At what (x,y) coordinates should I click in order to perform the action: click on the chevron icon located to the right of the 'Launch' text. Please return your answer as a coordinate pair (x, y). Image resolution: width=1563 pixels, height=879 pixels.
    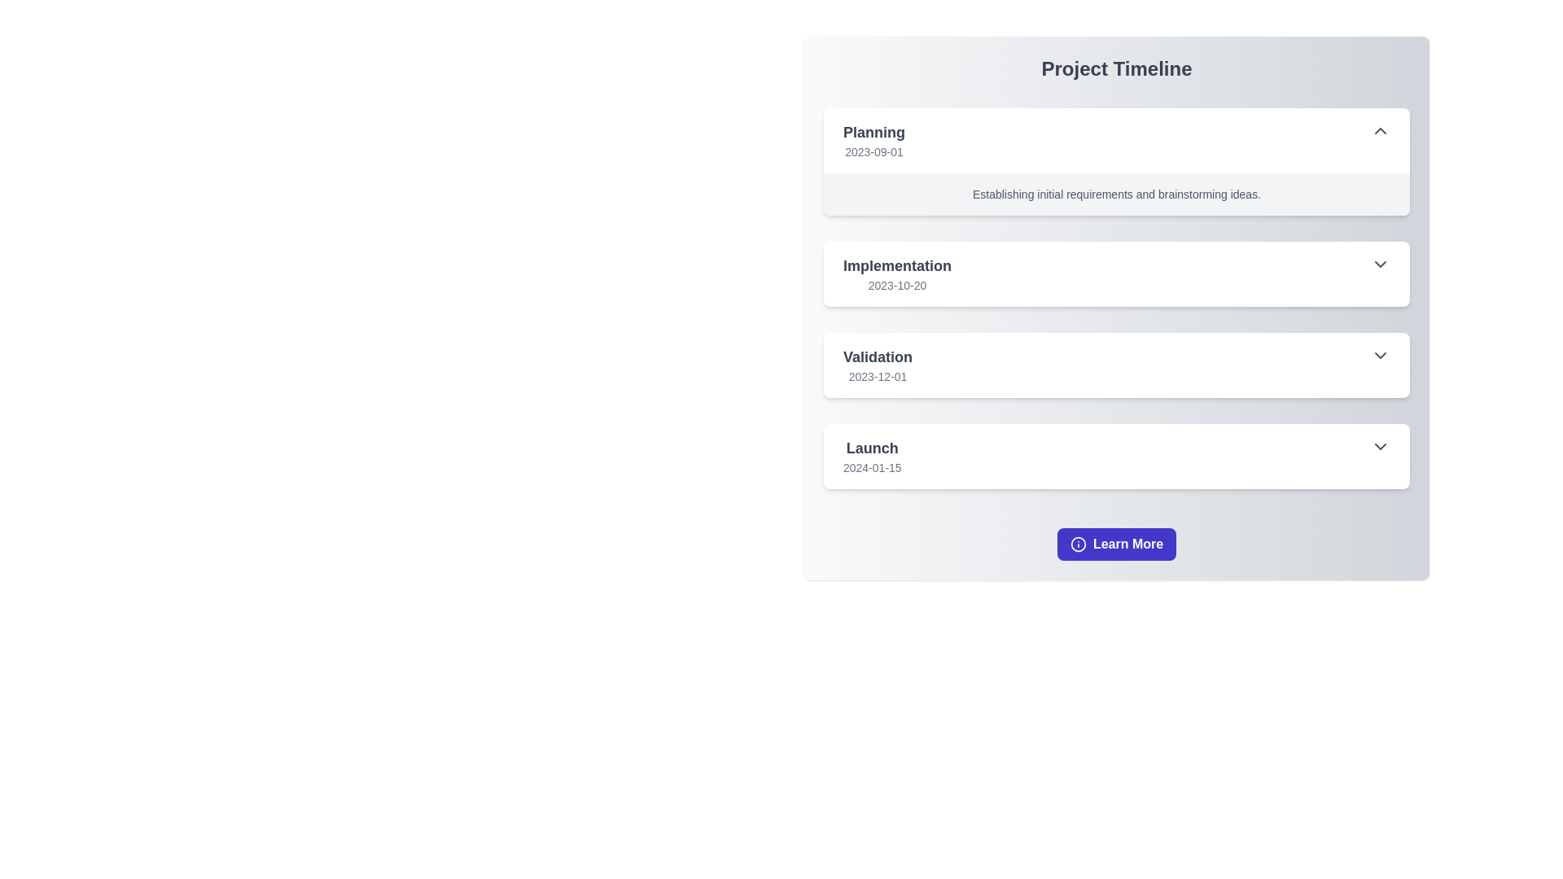
    Looking at the image, I should click on (1379, 446).